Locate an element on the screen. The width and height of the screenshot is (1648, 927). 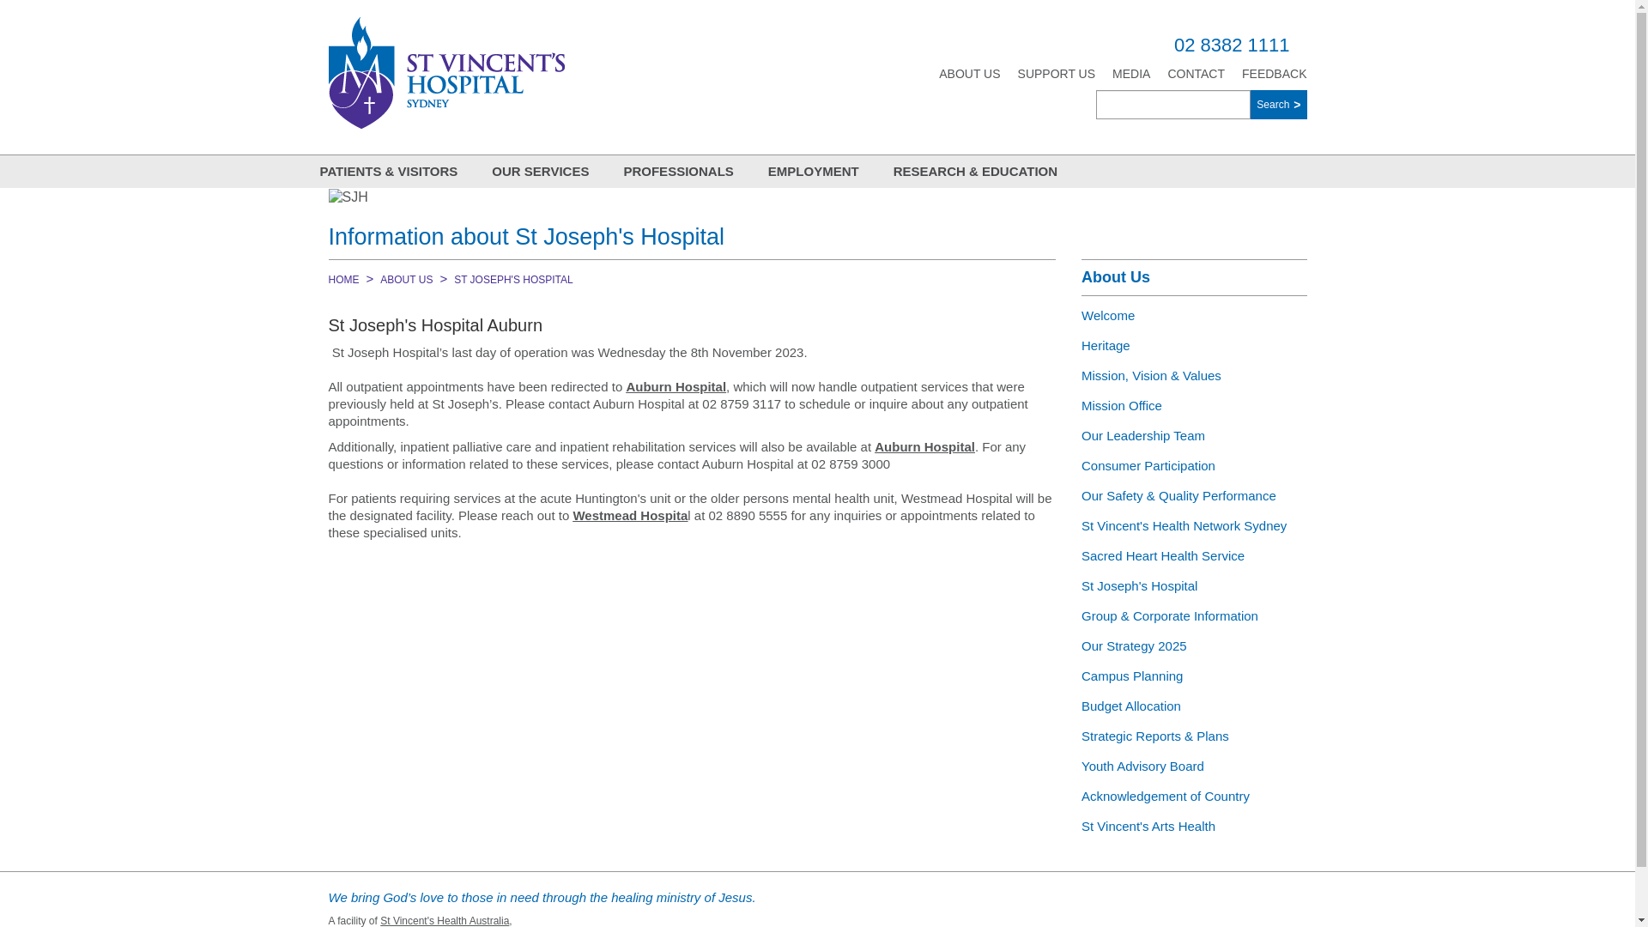
'SUPPORT US' is located at coordinates (1056, 72).